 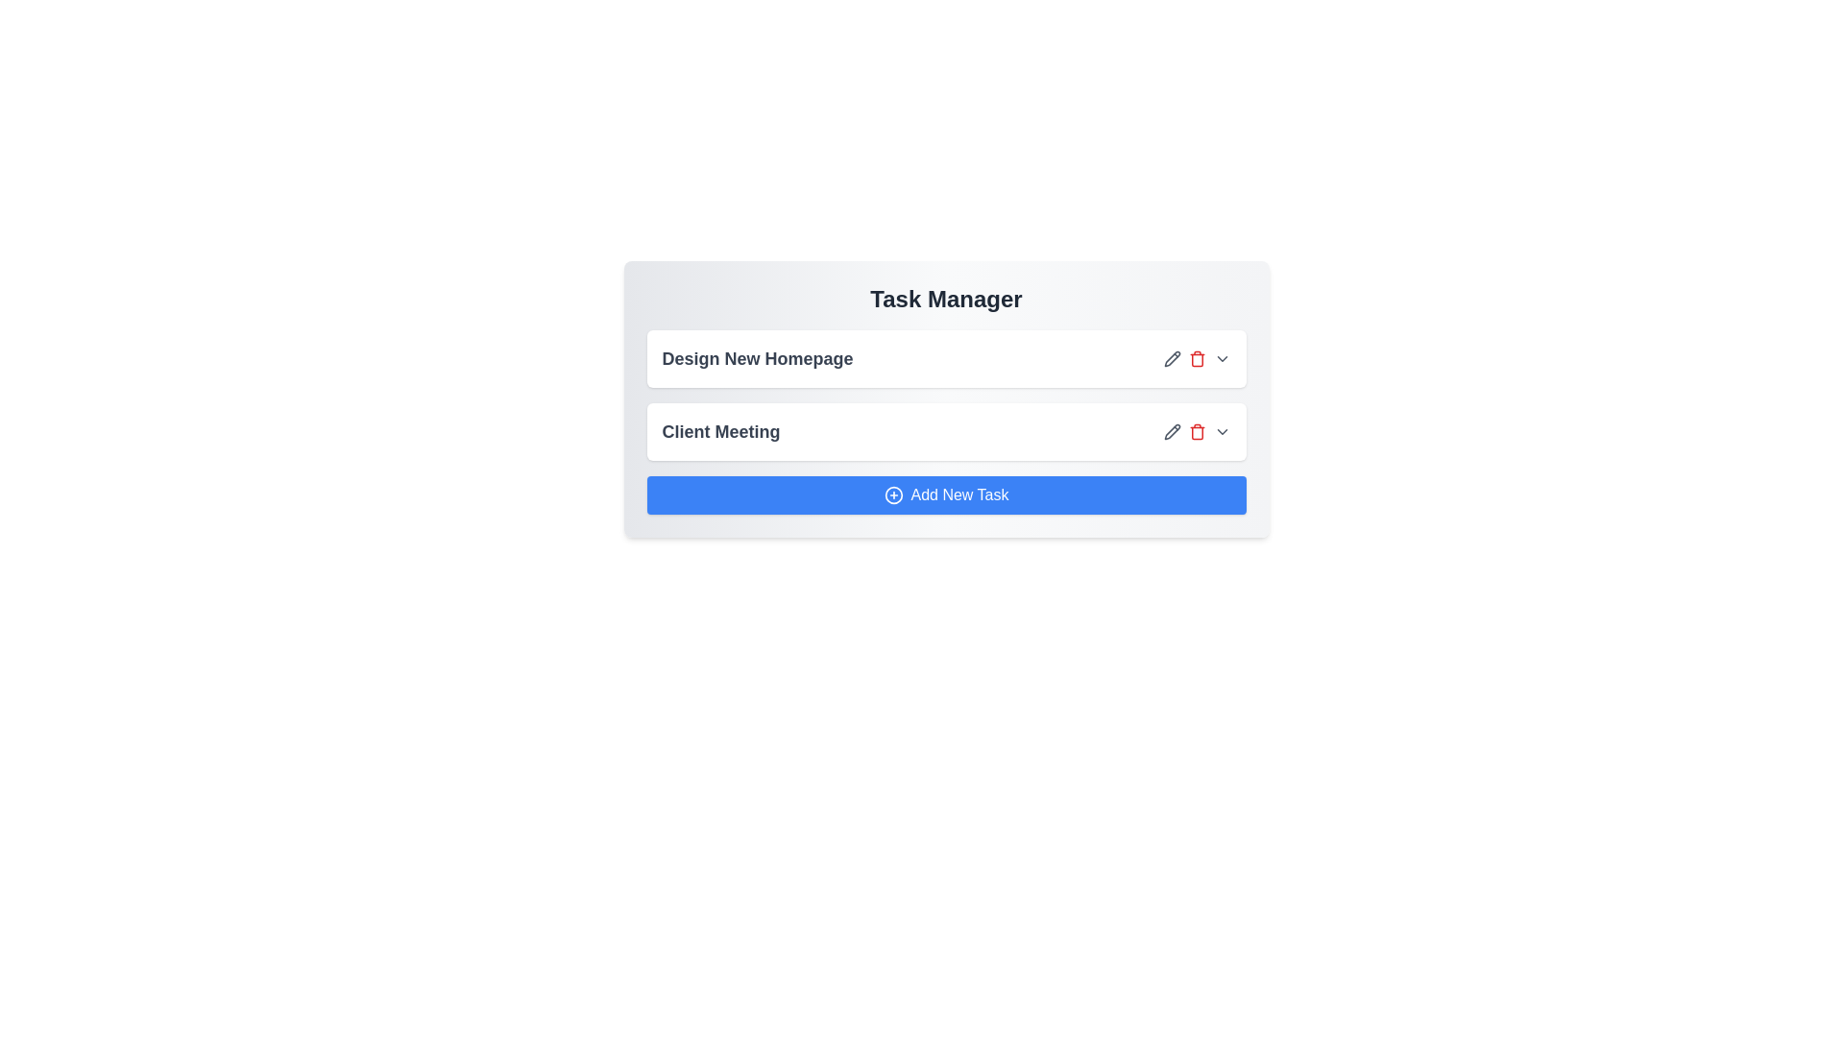 I want to click on the chevron button of the task titled 'Design New Homepage' to toggle its details, so click(x=1221, y=359).